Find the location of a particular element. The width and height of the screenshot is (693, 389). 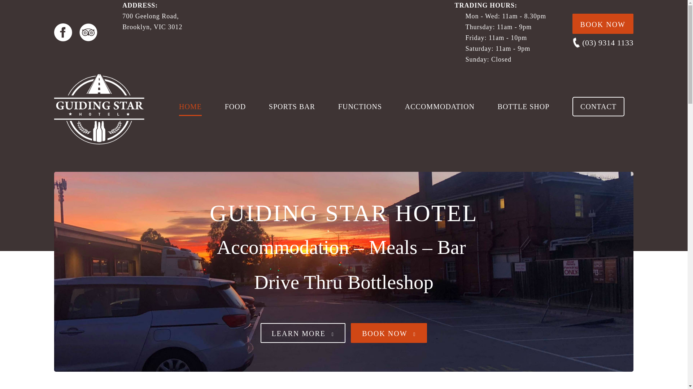

'CONTACT' is located at coordinates (598, 107).